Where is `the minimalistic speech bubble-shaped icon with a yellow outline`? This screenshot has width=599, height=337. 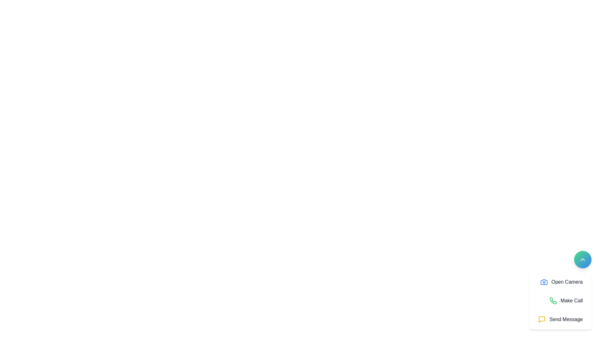
the minimalistic speech bubble-shaped icon with a yellow outline is located at coordinates (542, 319).